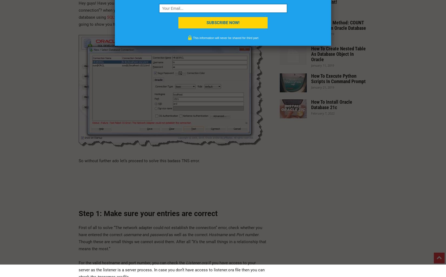 The image size is (446, 277). I want to click on 'Hostname', so click(218, 234).